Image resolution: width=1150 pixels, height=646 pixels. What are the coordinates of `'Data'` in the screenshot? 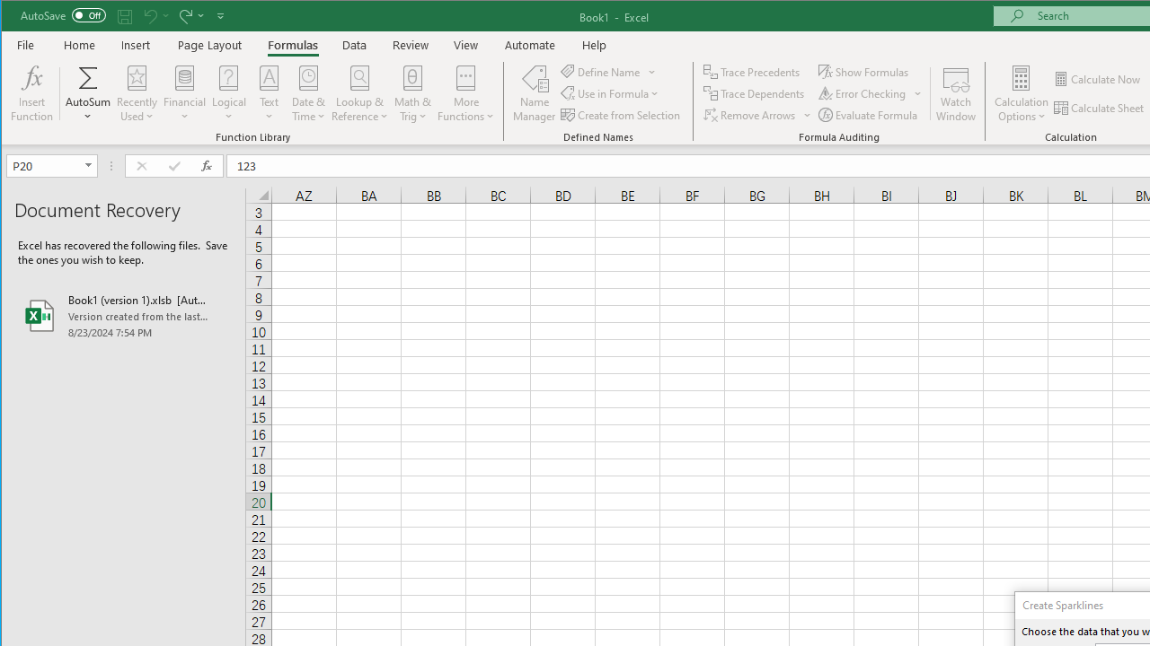 It's located at (355, 44).